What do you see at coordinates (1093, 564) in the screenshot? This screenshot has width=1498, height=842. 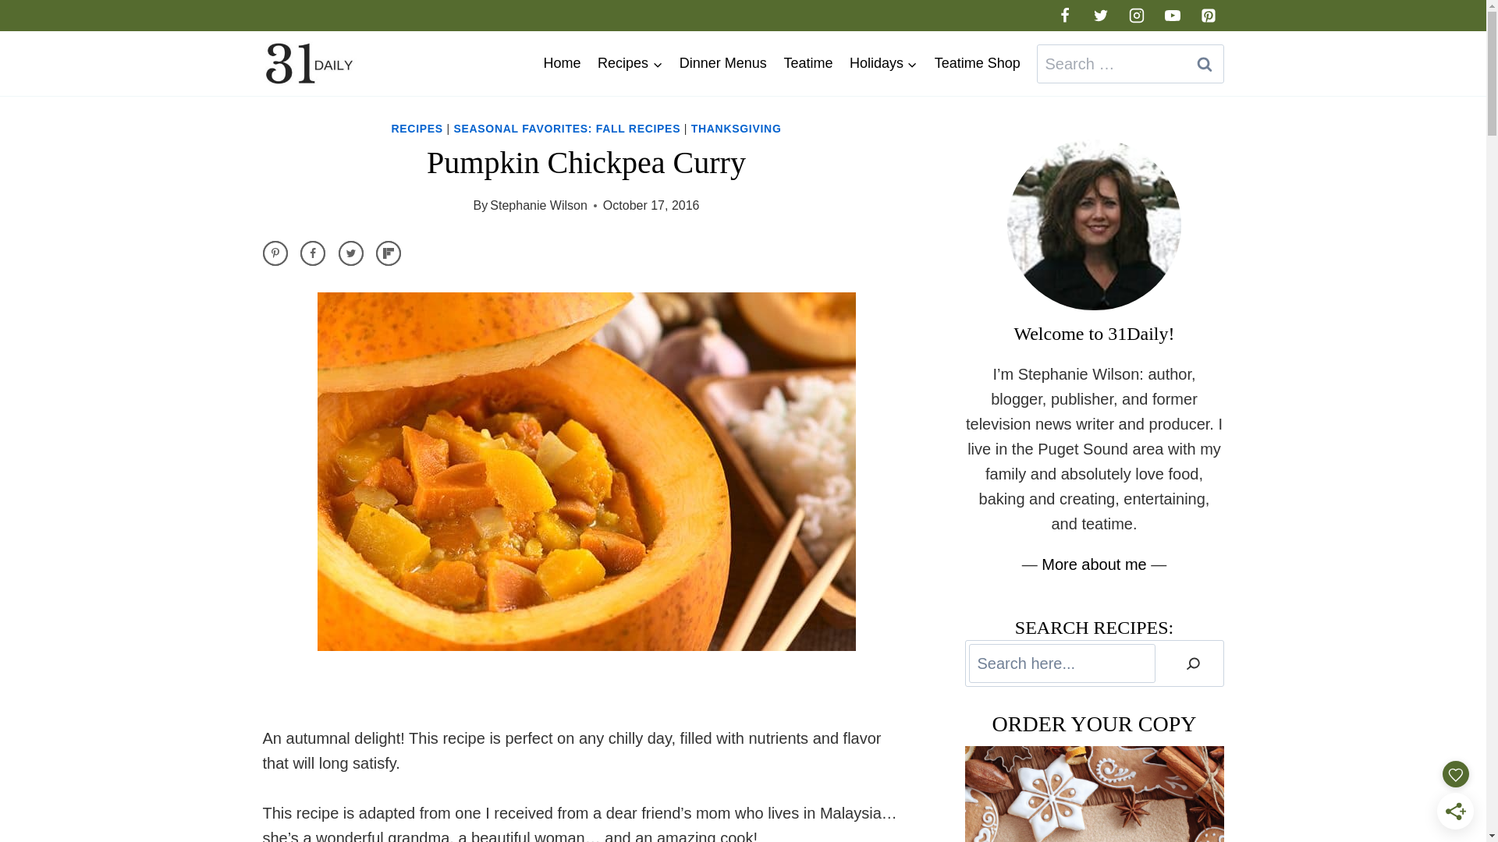 I see `'More about me'` at bounding box center [1093, 564].